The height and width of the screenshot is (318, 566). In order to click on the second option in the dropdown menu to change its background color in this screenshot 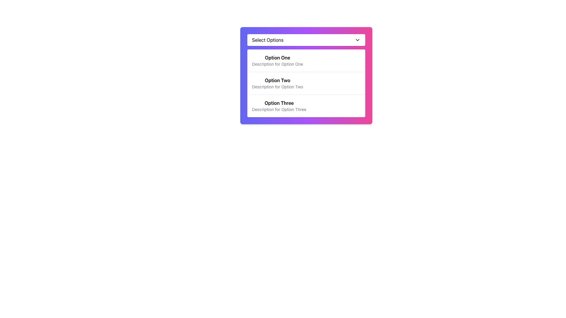, I will do `click(306, 83)`.